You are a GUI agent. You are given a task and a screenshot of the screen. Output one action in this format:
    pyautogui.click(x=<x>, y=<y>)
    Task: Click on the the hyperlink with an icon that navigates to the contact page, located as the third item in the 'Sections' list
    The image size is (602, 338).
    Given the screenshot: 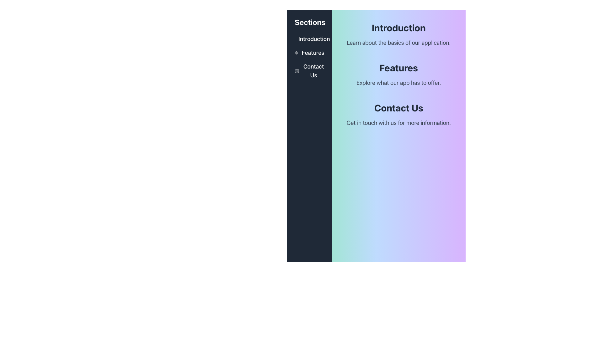 What is the action you would take?
    pyautogui.click(x=309, y=71)
    